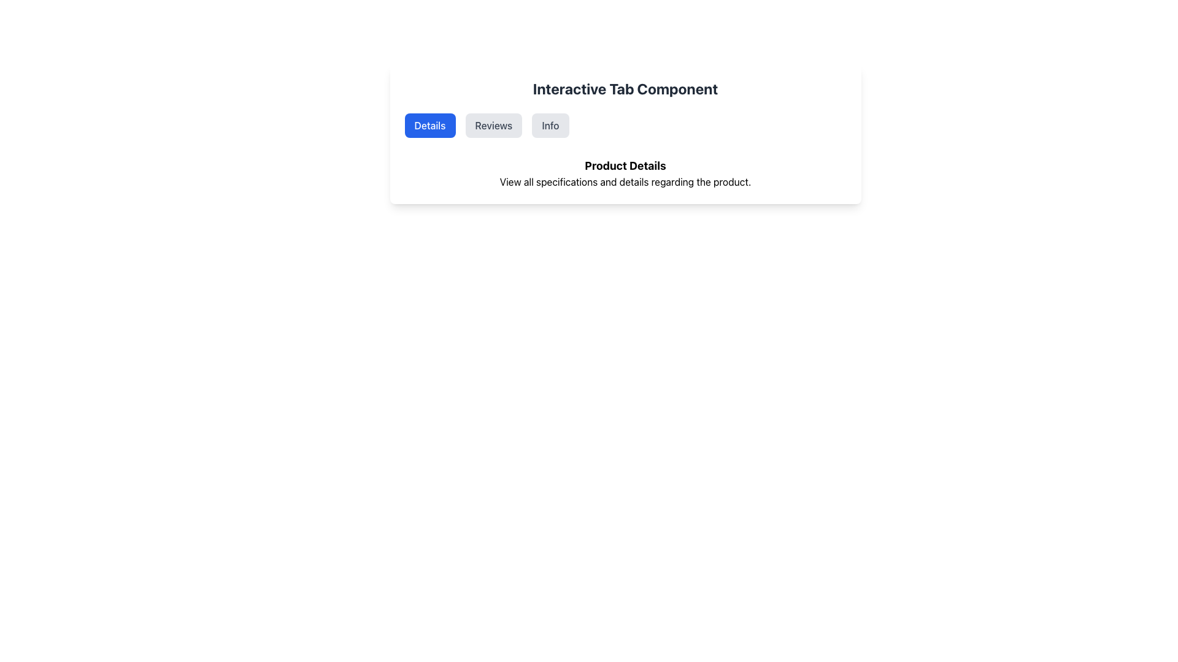 The image size is (1178, 662). What do you see at coordinates (429, 125) in the screenshot?
I see `the 'Details' button` at bounding box center [429, 125].